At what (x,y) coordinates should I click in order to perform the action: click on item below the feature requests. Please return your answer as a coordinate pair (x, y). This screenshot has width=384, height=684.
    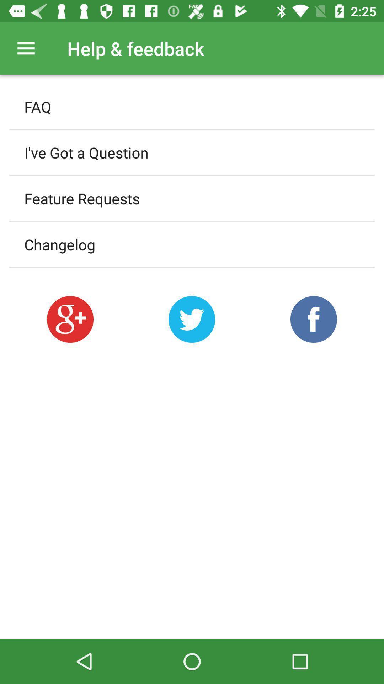
    Looking at the image, I should click on (192, 244).